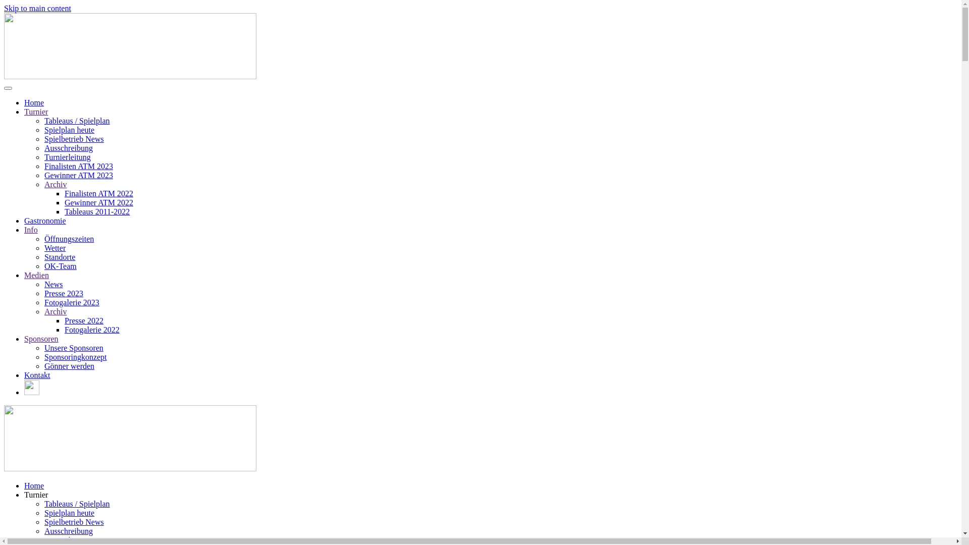 This screenshot has width=969, height=545. What do you see at coordinates (78, 166) in the screenshot?
I see `'Finalisten ATM 2023'` at bounding box center [78, 166].